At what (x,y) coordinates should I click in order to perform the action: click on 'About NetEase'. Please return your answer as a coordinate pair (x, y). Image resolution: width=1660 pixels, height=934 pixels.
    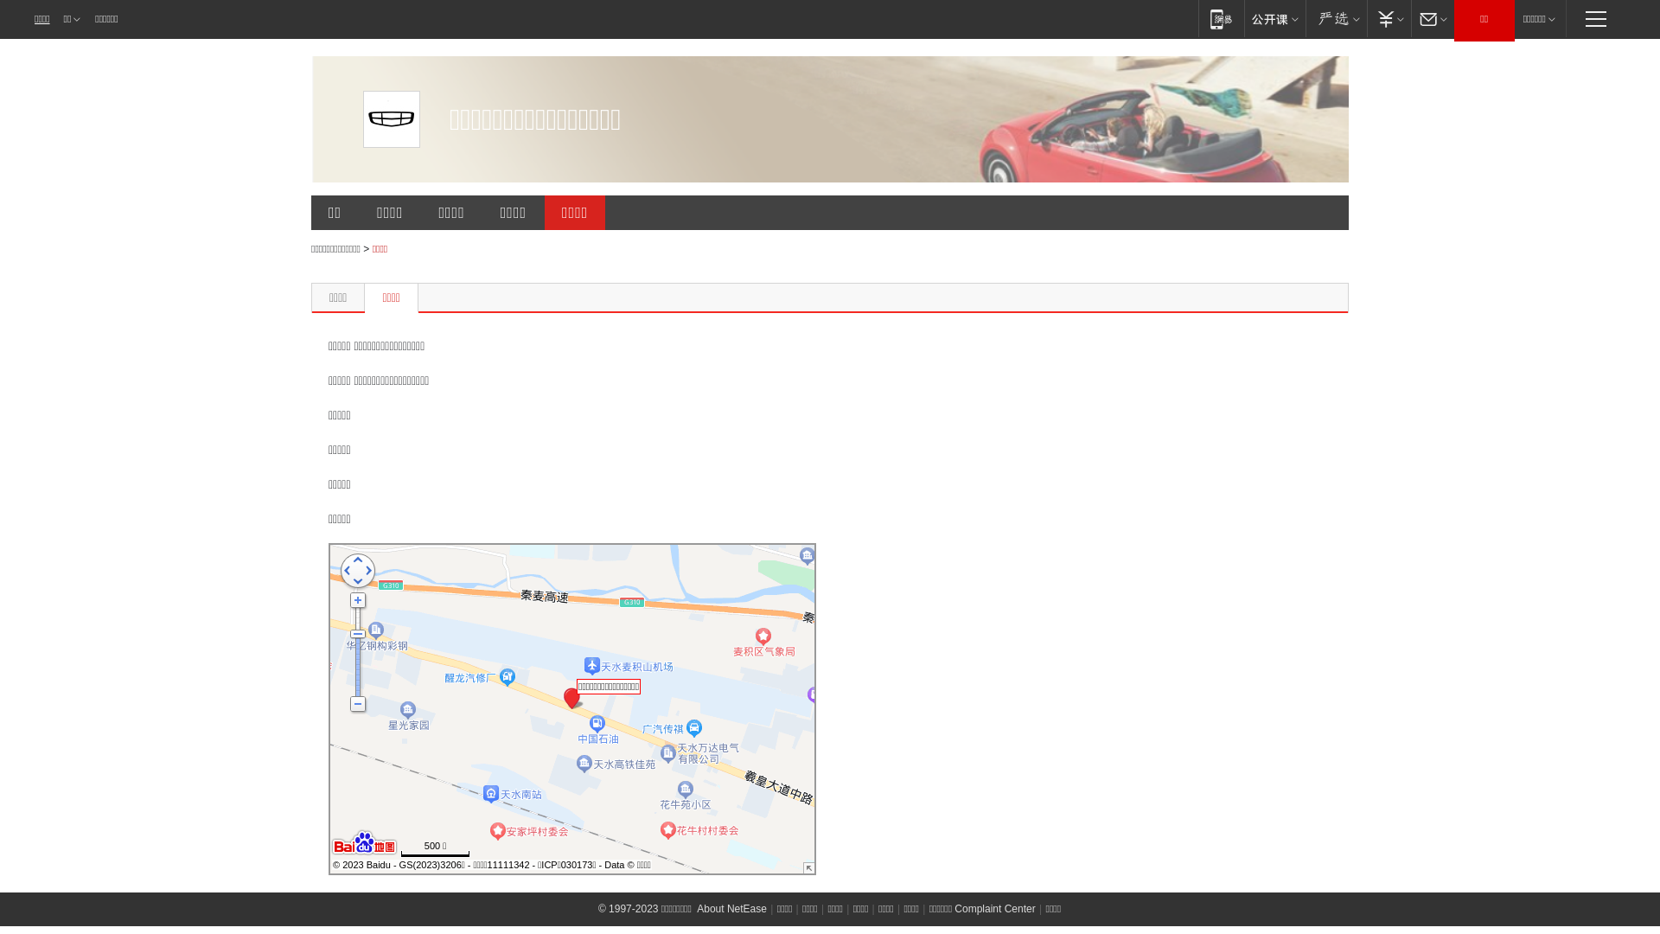
    Looking at the image, I should click on (731, 907).